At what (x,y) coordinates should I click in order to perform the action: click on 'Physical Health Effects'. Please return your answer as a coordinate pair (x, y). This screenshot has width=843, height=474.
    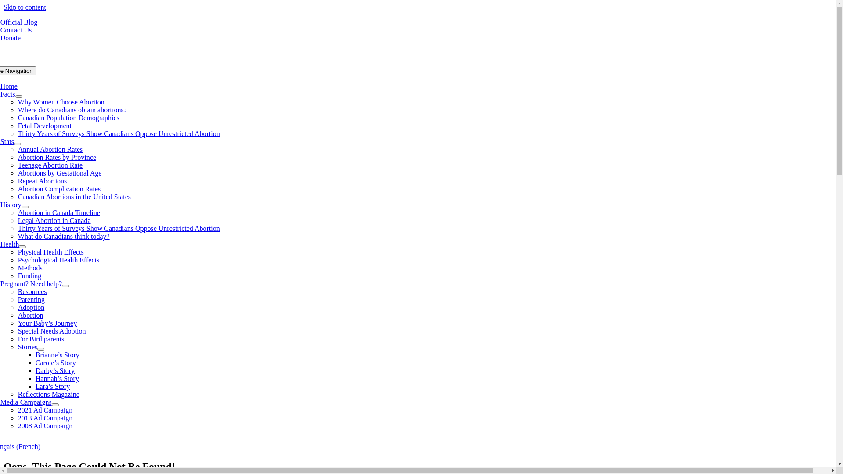
    Looking at the image, I should click on (50, 252).